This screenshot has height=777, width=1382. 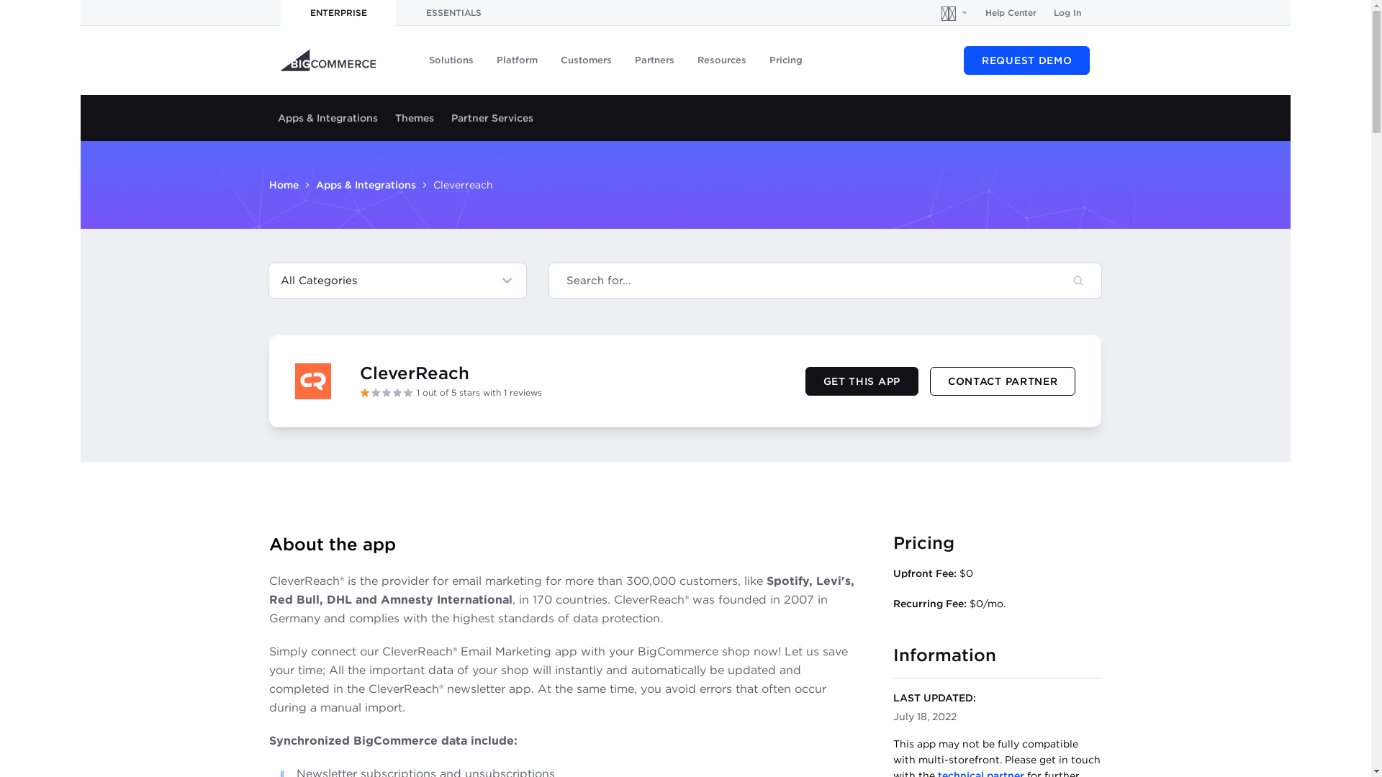 I want to click on 'Themes', so click(x=414, y=117).